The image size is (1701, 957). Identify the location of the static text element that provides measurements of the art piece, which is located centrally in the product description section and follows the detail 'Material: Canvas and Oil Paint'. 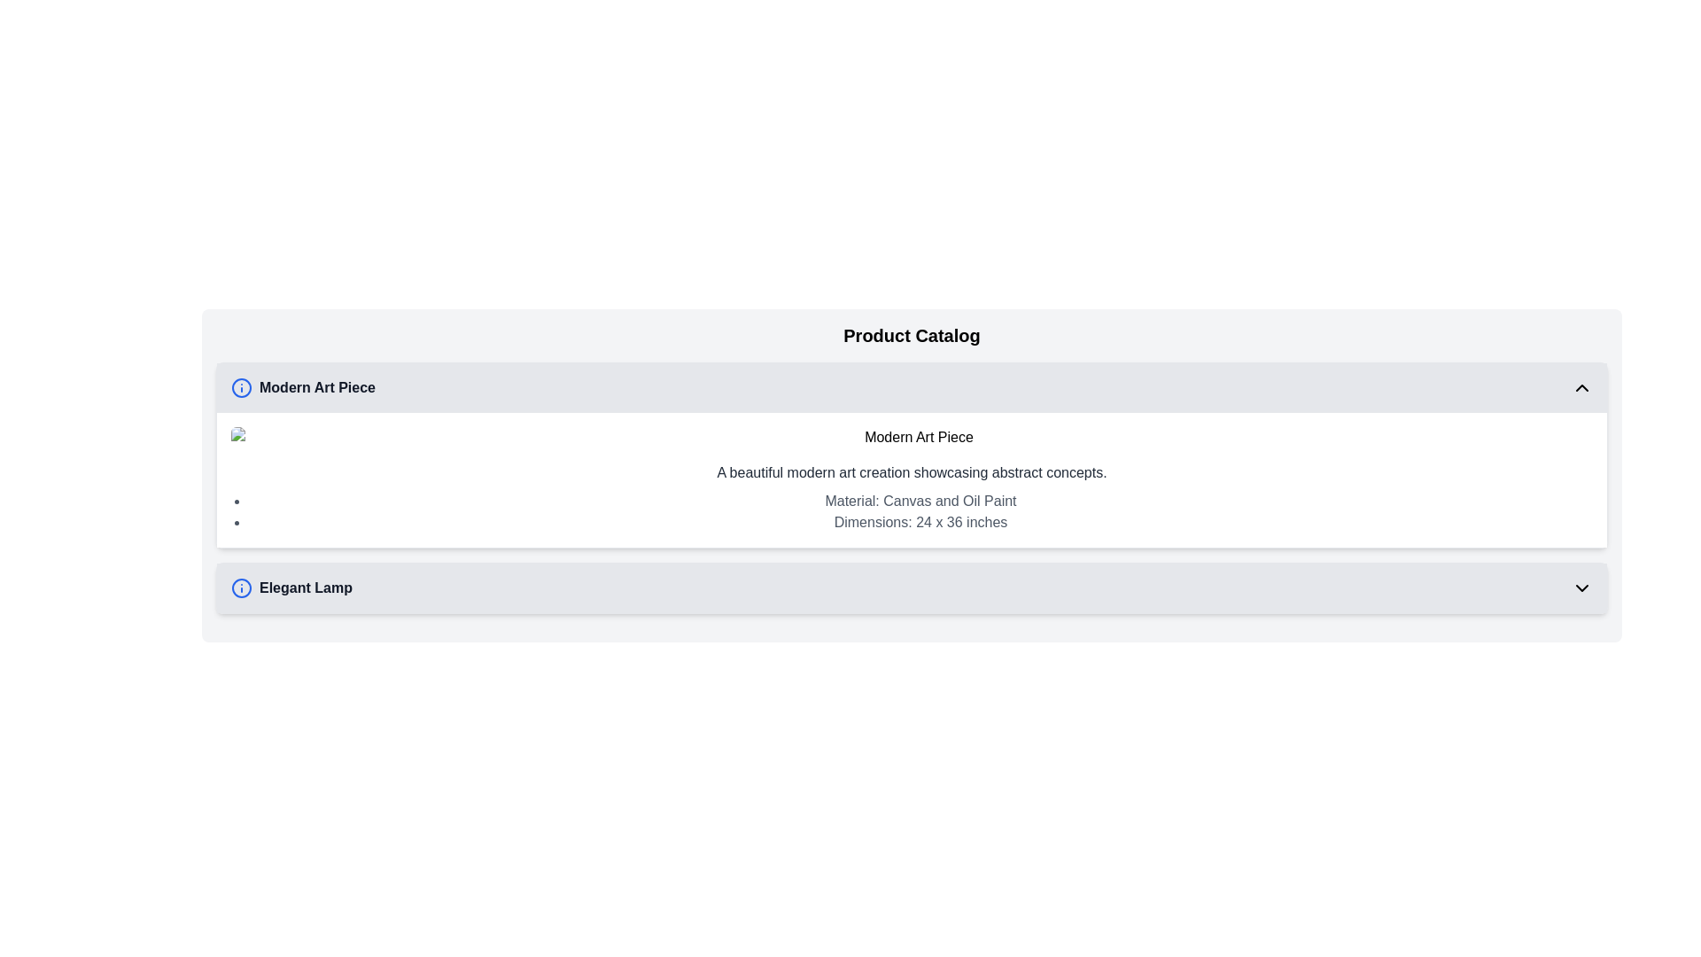
(920, 522).